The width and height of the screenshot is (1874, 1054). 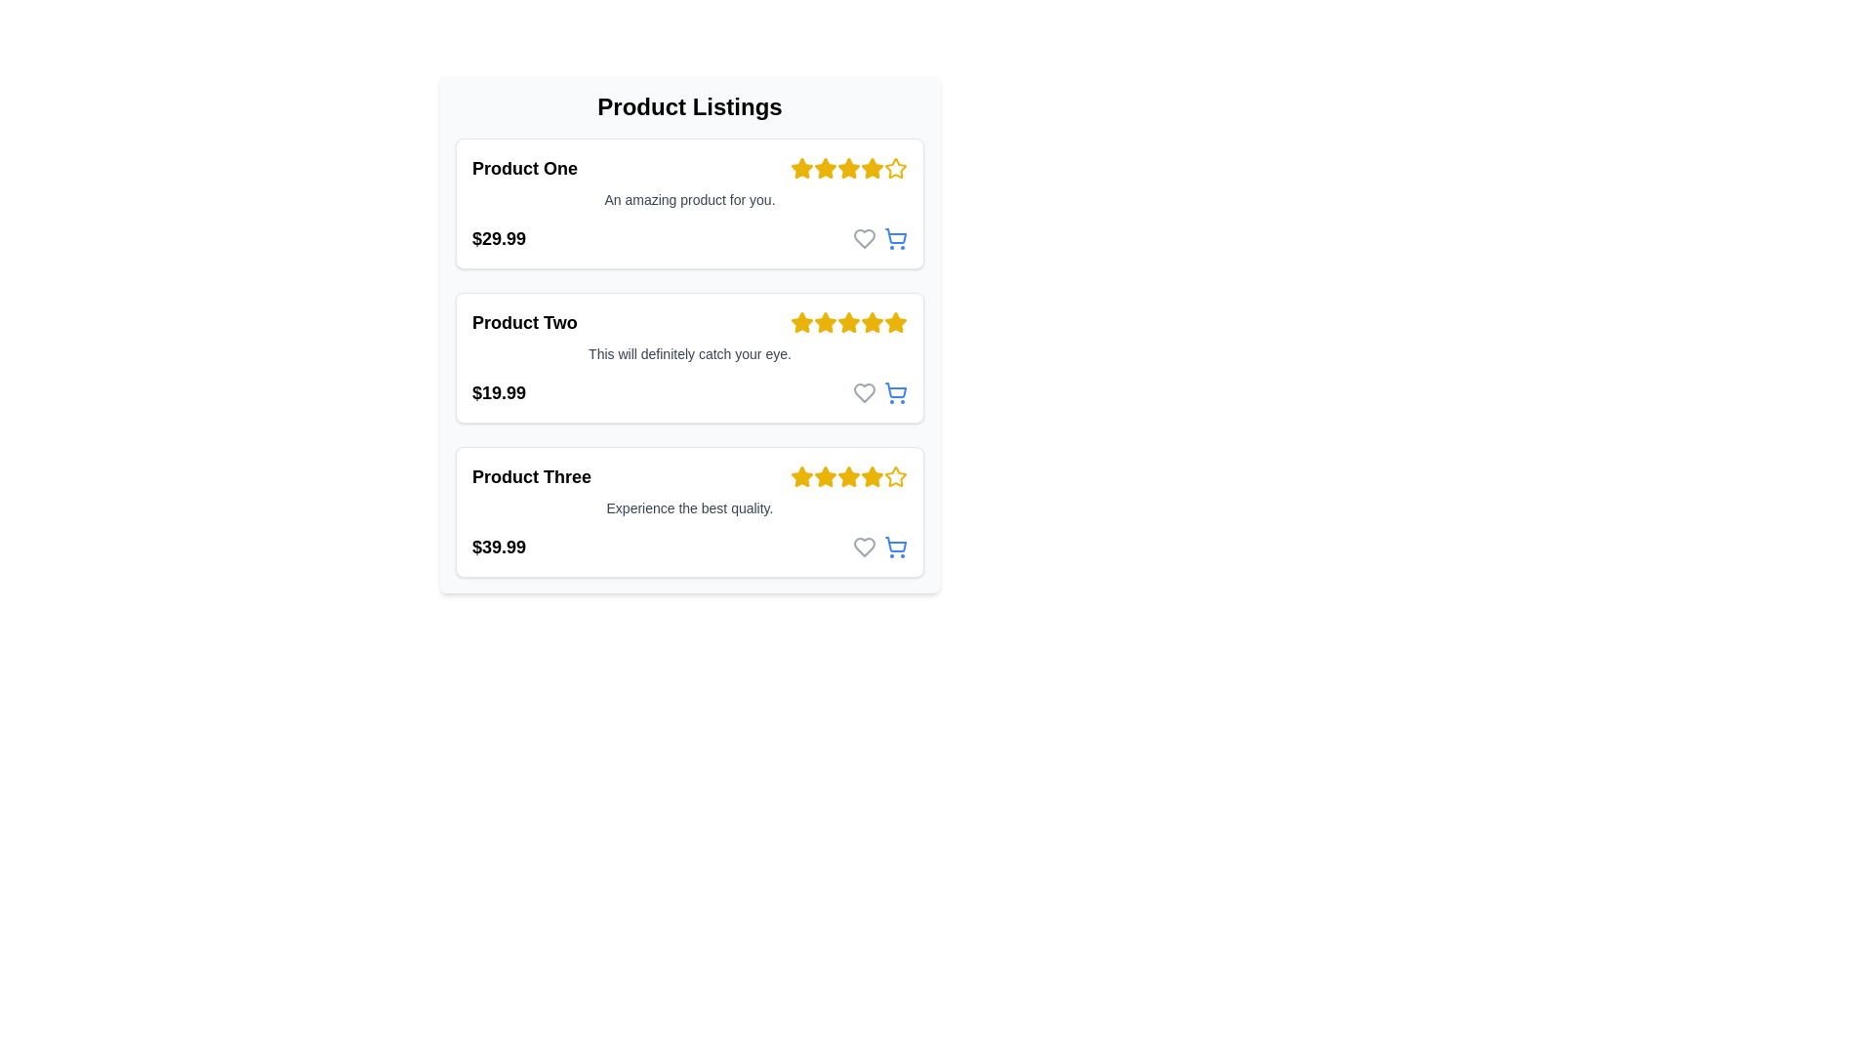 I want to click on the third yellow star icon in the five-star rating system for 'Product Three', so click(x=825, y=477).